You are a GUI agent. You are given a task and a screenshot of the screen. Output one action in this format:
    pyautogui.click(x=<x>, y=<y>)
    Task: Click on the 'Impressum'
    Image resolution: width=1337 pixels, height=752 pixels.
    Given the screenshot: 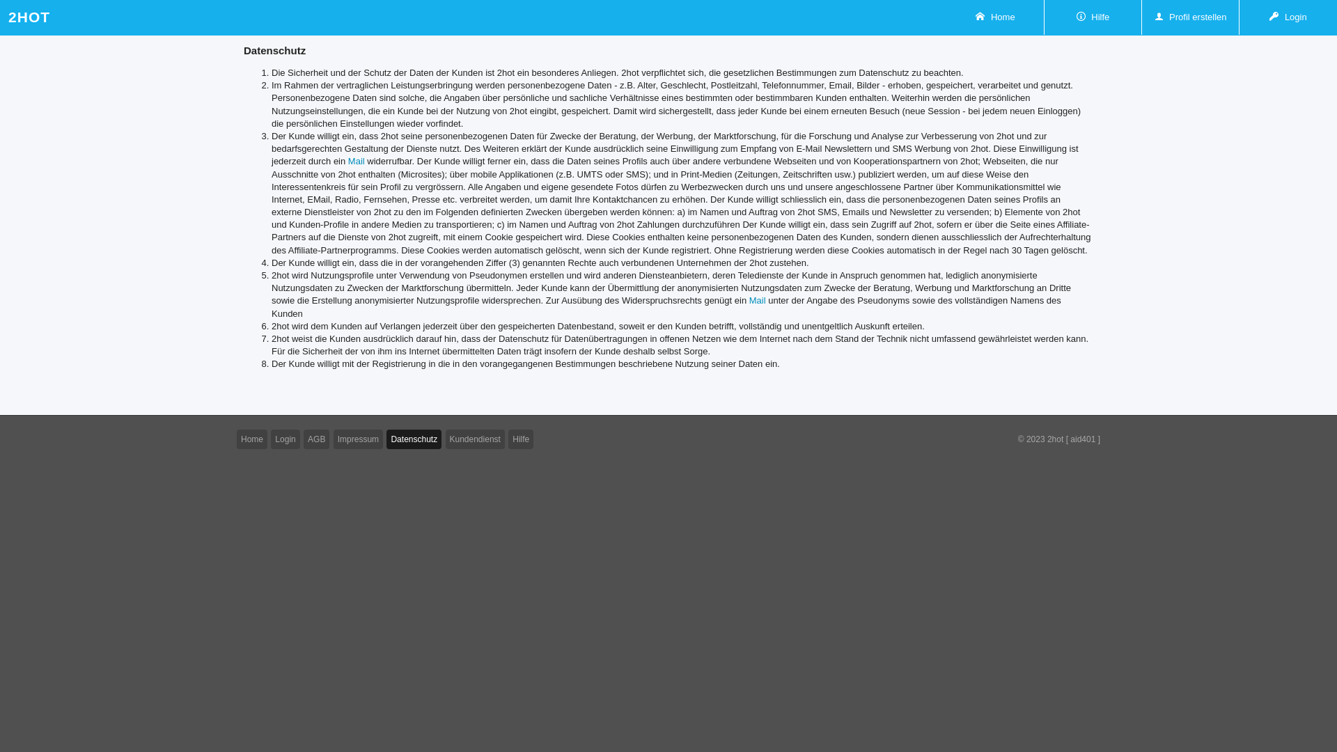 What is the action you would take?
    pyautogui.click(x=358, y=439)
    